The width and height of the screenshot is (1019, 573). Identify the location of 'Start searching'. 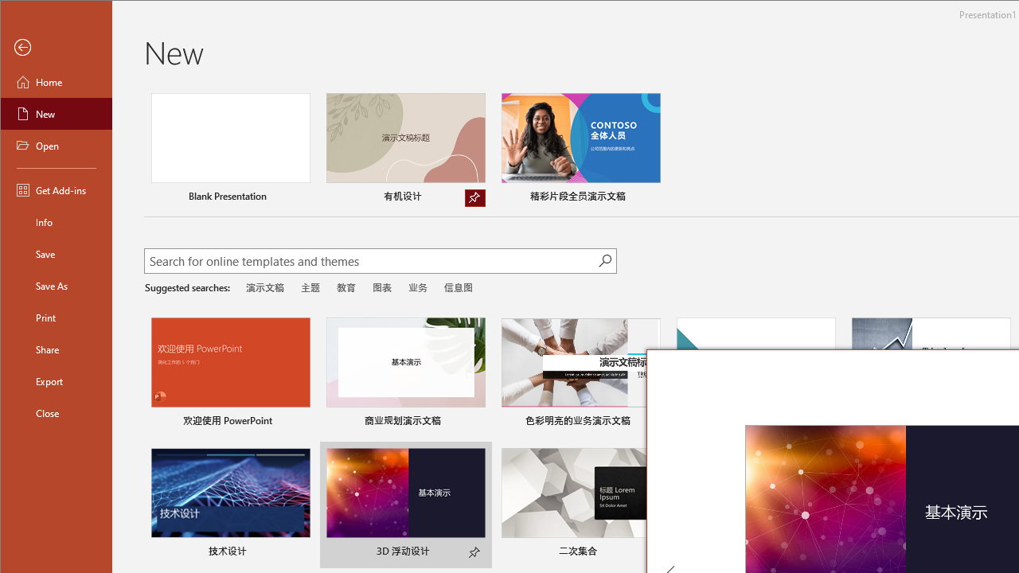
(604, 259).